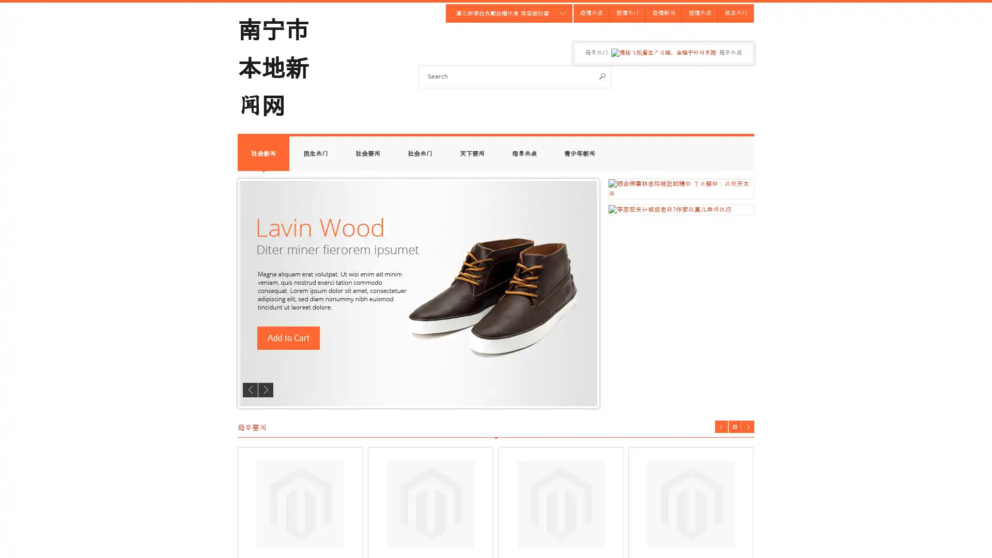 The image size is (992, 558). I want to click on Search, so click(602, 75).